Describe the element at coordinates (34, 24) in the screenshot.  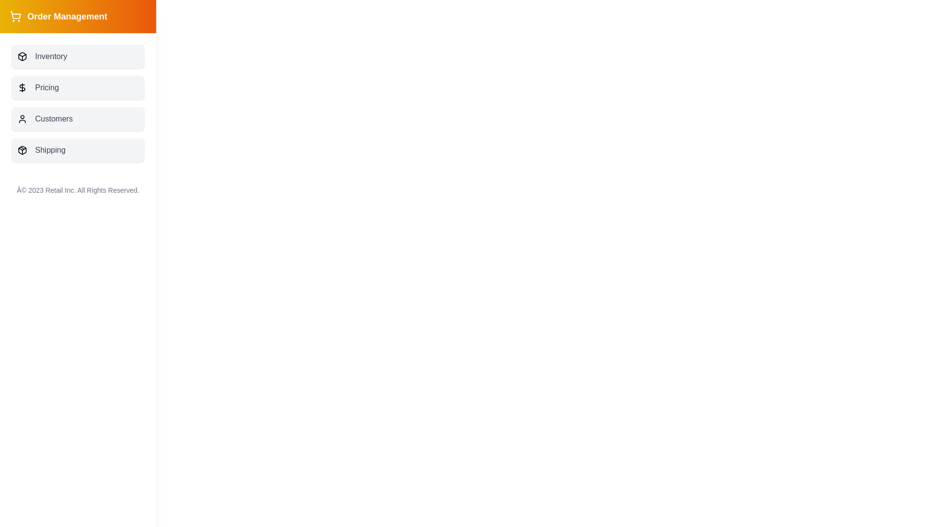
I see `the toggle button to change the drawer's visibility state` at that location.